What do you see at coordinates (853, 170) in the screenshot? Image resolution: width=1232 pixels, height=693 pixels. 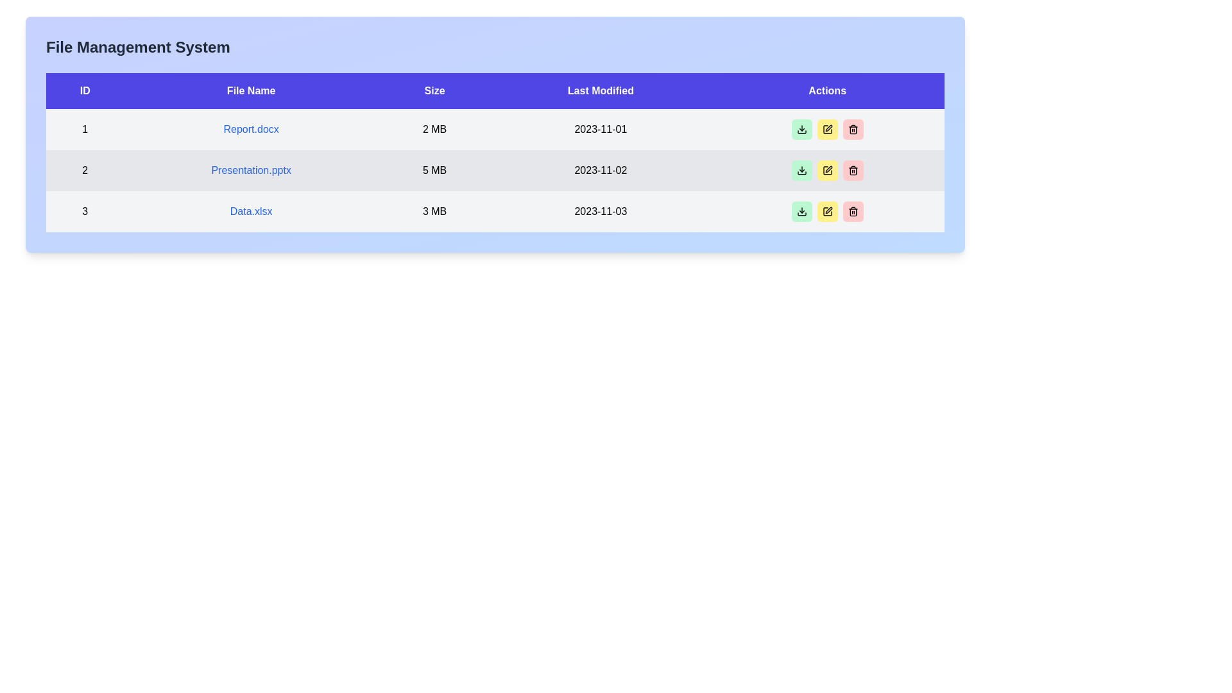 I see `the delete icon button, which is the third icon in the 'Actions' column of the second row in the file listing table, enclosed within a red-colored rectangular button` at bounding box center [853, 170].